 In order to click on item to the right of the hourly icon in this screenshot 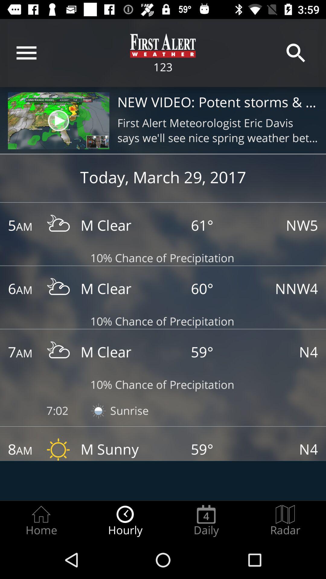, I will do `click(206, 520)`.